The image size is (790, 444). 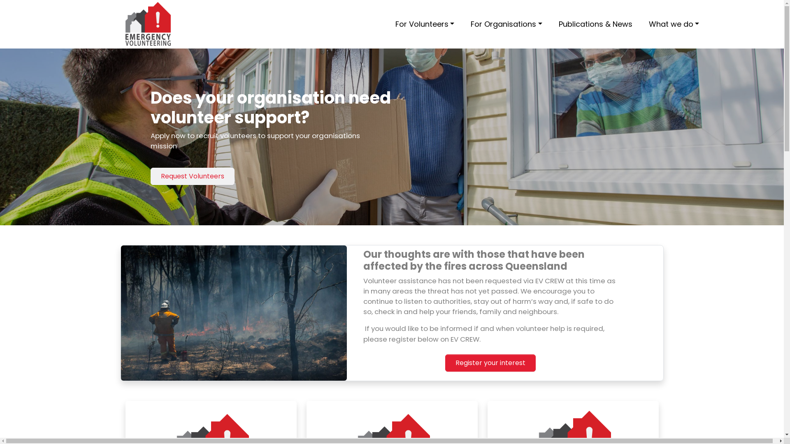 I want to click on 'What we do', so click(x=674, y=23).